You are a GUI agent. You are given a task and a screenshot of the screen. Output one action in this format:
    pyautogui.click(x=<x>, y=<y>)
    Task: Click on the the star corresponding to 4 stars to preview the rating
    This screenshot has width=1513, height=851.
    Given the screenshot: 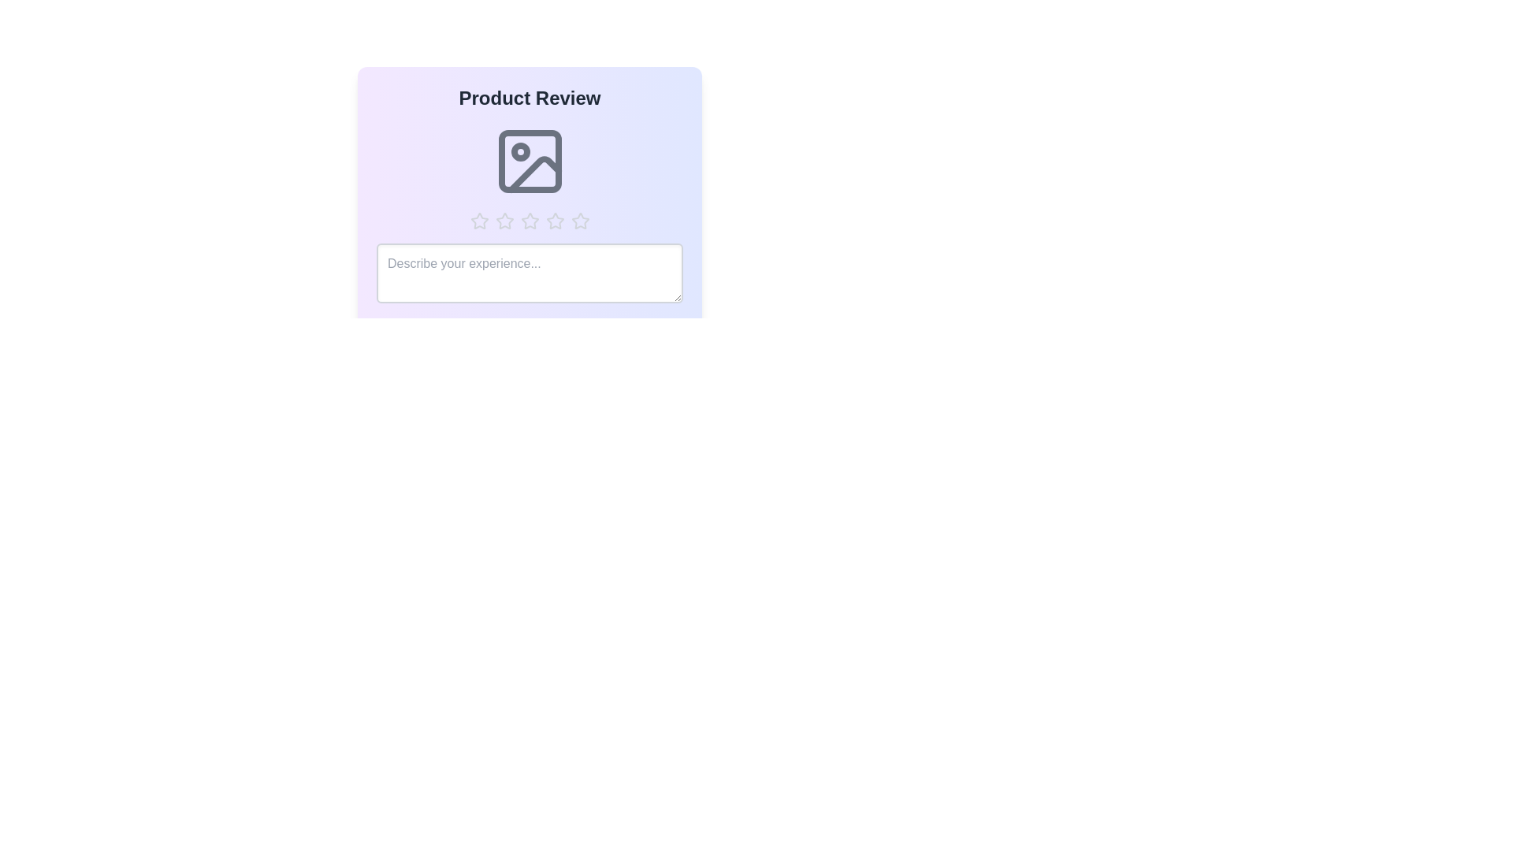 What is the action you would take?
    pyautogui.click(x=555, y=221)
    